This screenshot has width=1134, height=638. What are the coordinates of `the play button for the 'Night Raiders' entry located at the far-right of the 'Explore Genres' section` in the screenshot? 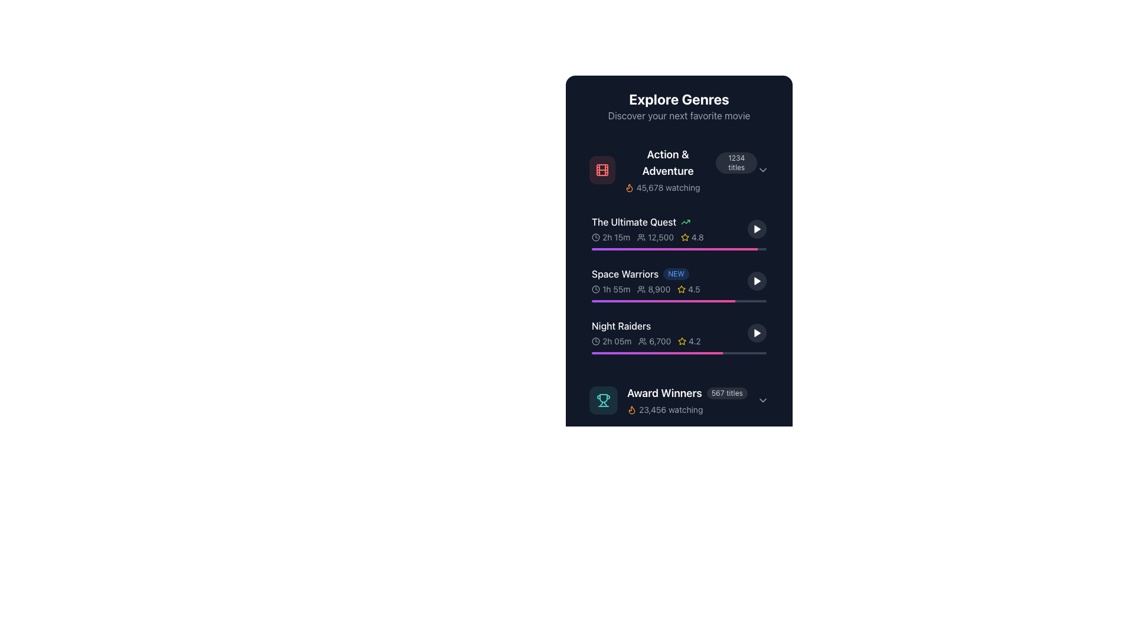 It's located at (757, 333).